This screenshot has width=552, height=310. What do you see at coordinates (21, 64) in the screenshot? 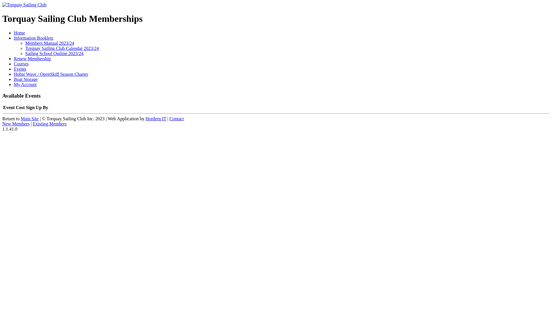
I see `'Courses'` at bounding box center [21, 64].